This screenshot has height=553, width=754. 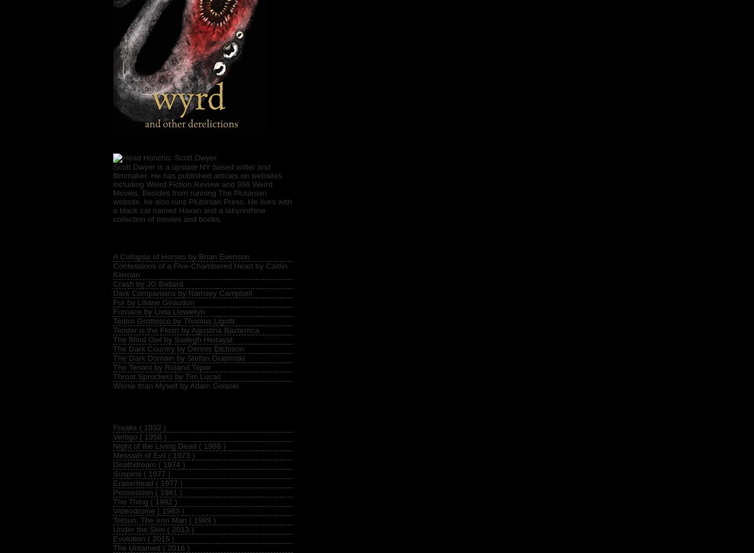 I want to click on 'Under the Skin ( 2013 )', so click(x=153, y=529).